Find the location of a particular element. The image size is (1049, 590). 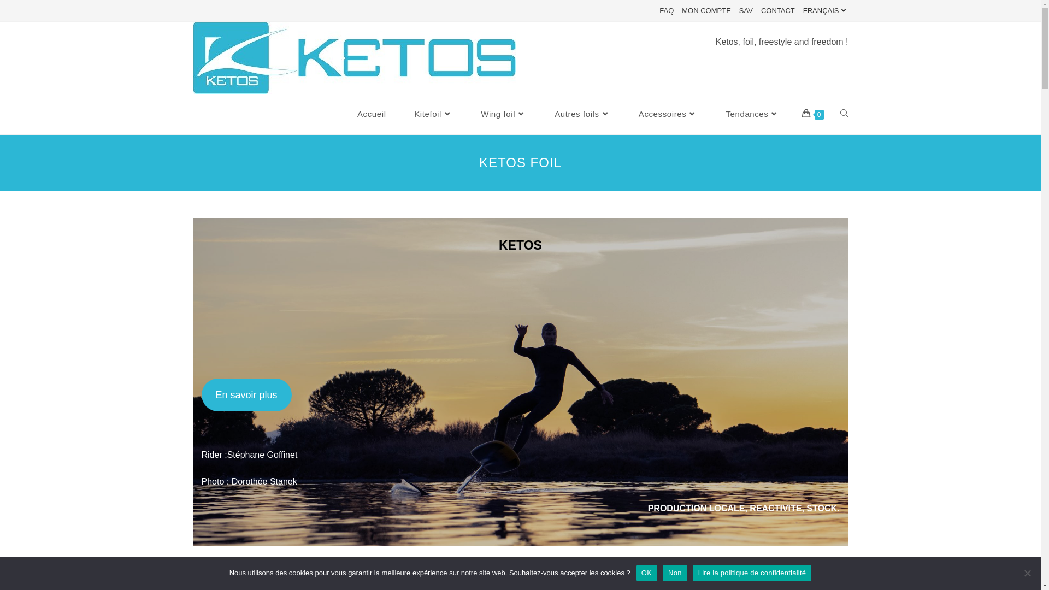

'Sitemap' is located at coordinates (835, 576).